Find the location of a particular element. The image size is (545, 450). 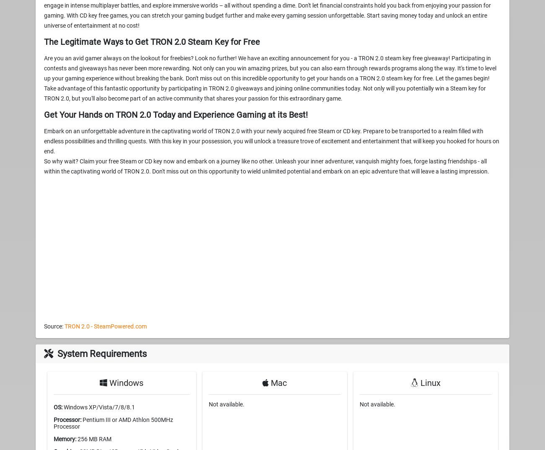

'Linux' is located at coordinates (428, 382).